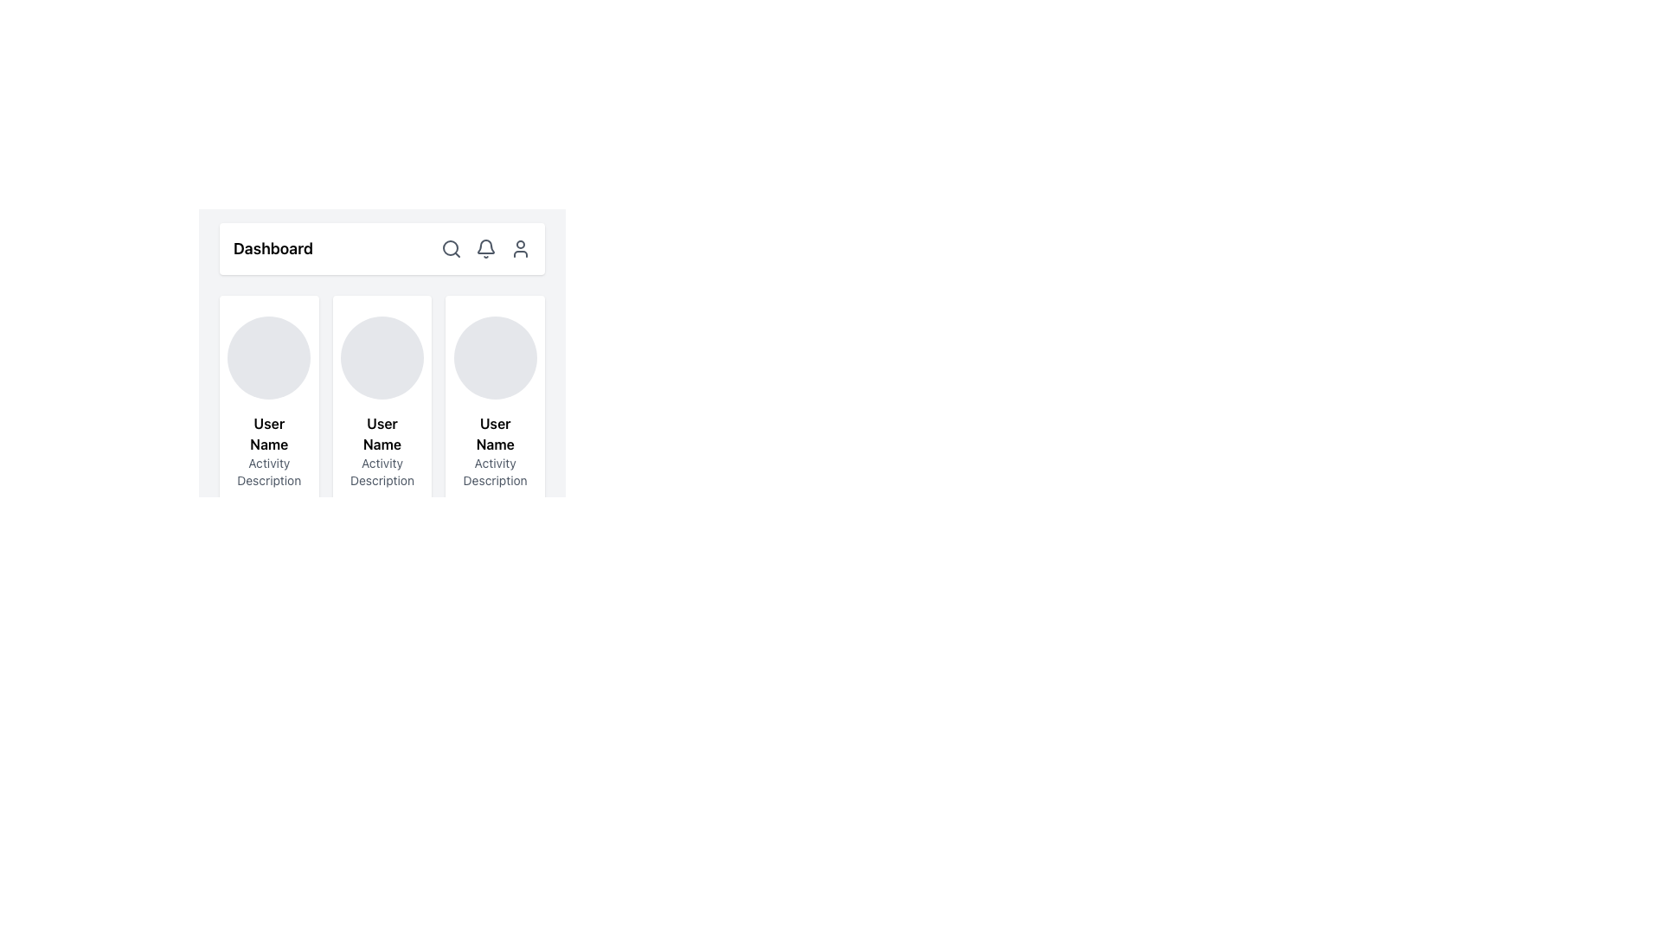  Describe the element at coordinates (381, 483) in the screenshot. I see `the 'View Details' button, which is styled with a blue background and rounded corners, located centrally in the vertically stacked arrangement of labels and buttons` at that location.